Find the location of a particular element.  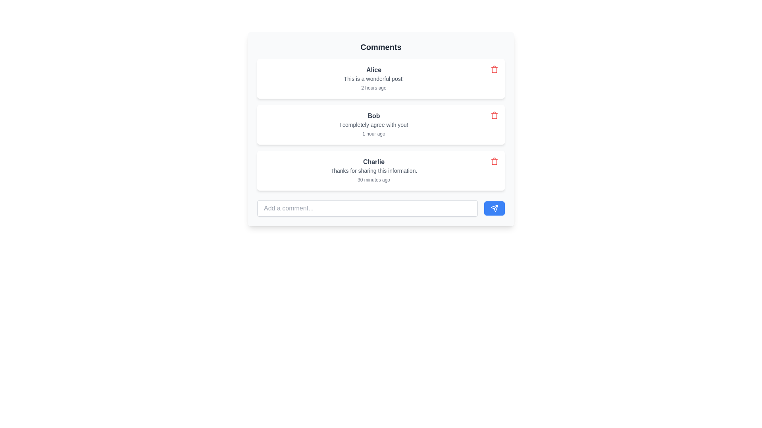

the red trash icon located at the right edge of the comment box for user 'Bob' is located at coordinates (494, 115).